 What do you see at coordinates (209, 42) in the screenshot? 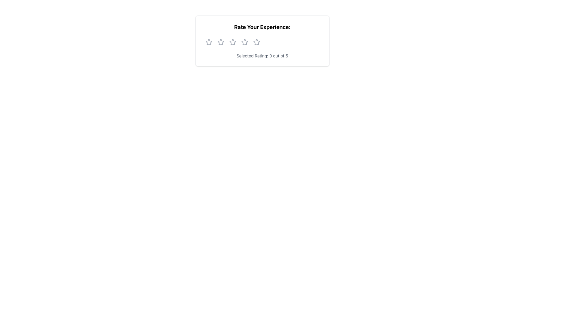
I see `the first star in the rating component` at bounding box center [209, 42].